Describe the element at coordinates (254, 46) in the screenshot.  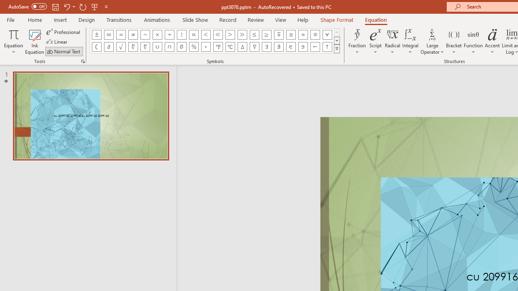
I see `'Equation Symbol Nabla'` at that location.